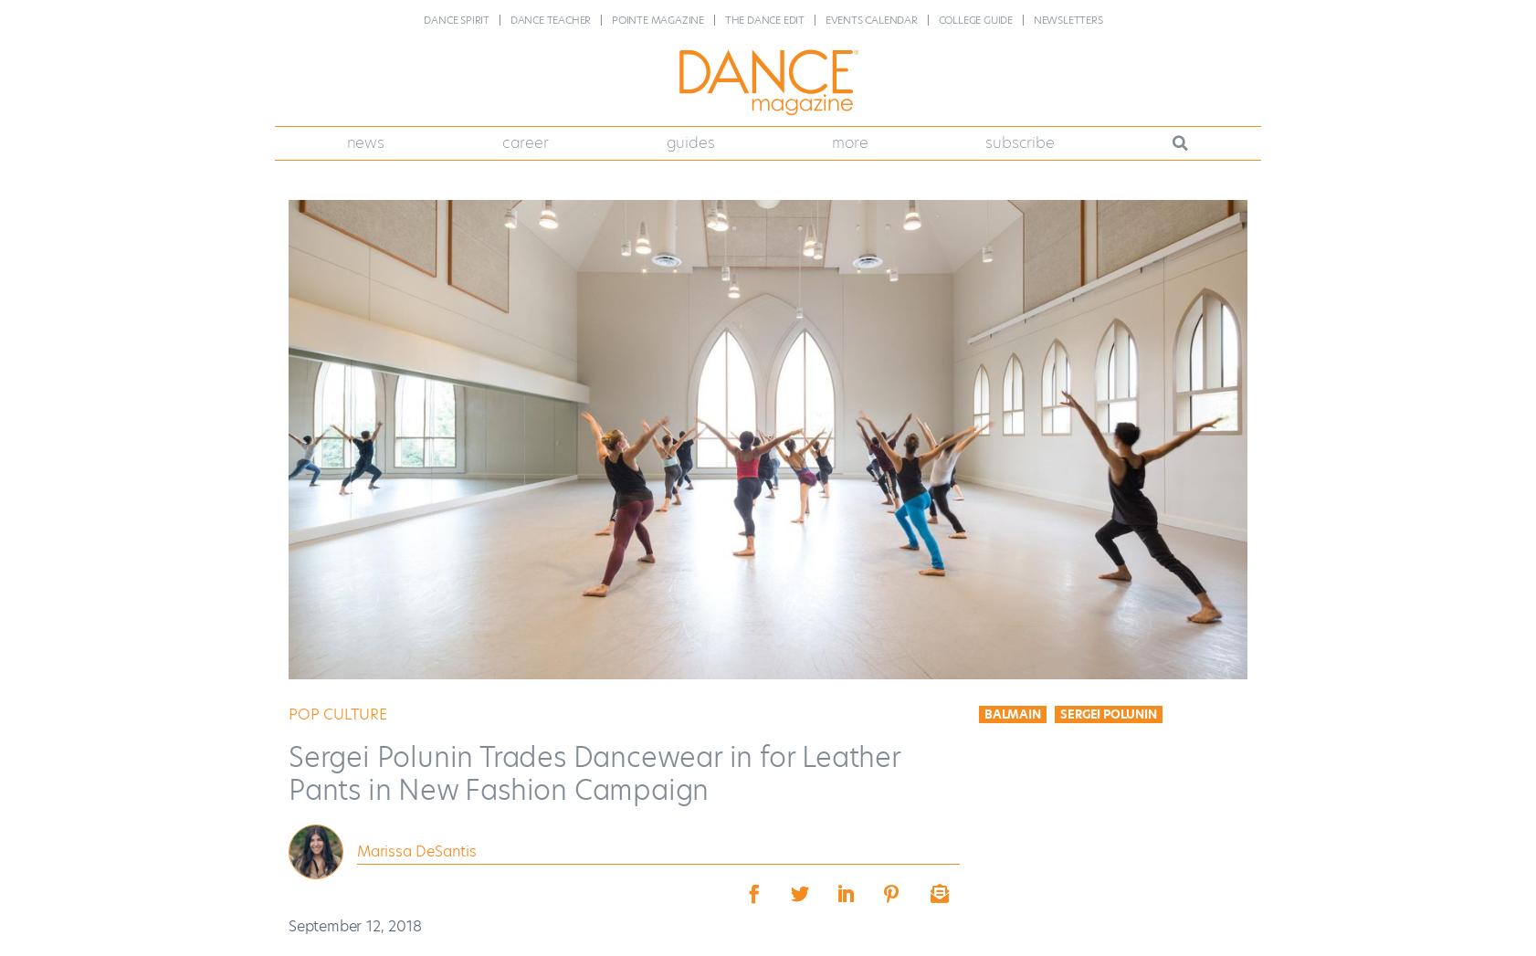 The width and height of the screenshot is (1536, 956). Describe the element at coordinates (536, 184) in the screenshot. I see `'Career Advice'` at that location.